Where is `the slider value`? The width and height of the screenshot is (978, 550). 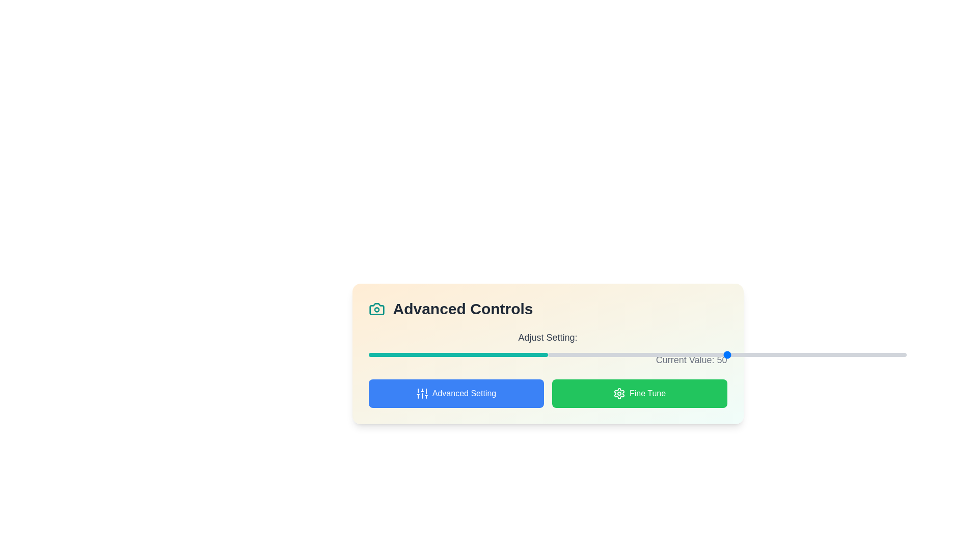
the slider value is located at coordinates (605, 354).